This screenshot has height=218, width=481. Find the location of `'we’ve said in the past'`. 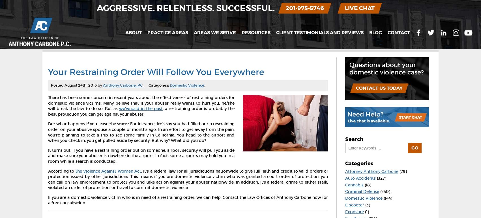

'we’ve said in the past' is located at coordinates (119, 109).